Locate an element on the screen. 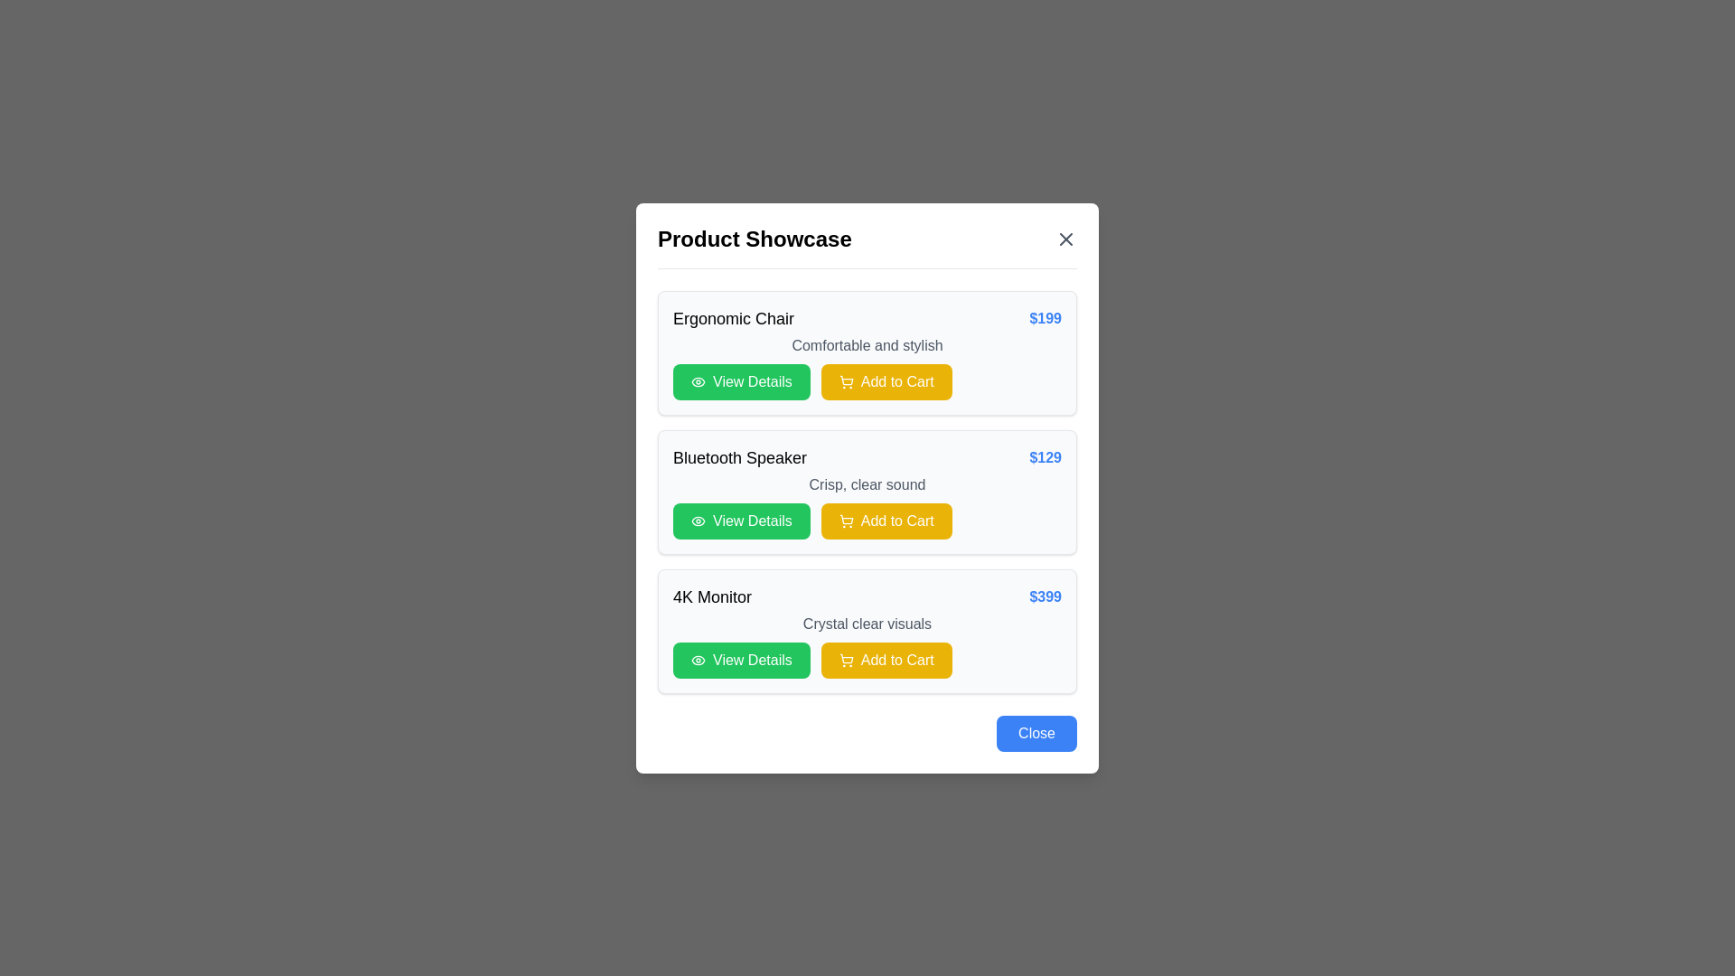 Image resolution: width=1735 pixels, height=976 pixels. the green 'View Details' button is located at coordinates (752, 380).